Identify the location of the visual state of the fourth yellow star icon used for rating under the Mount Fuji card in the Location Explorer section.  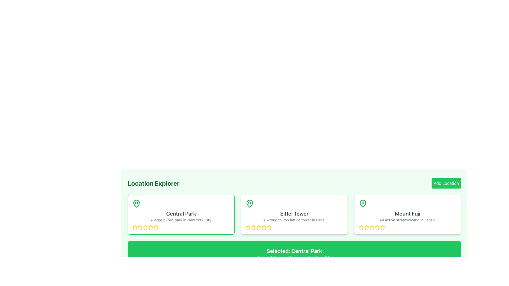
(371, 227).